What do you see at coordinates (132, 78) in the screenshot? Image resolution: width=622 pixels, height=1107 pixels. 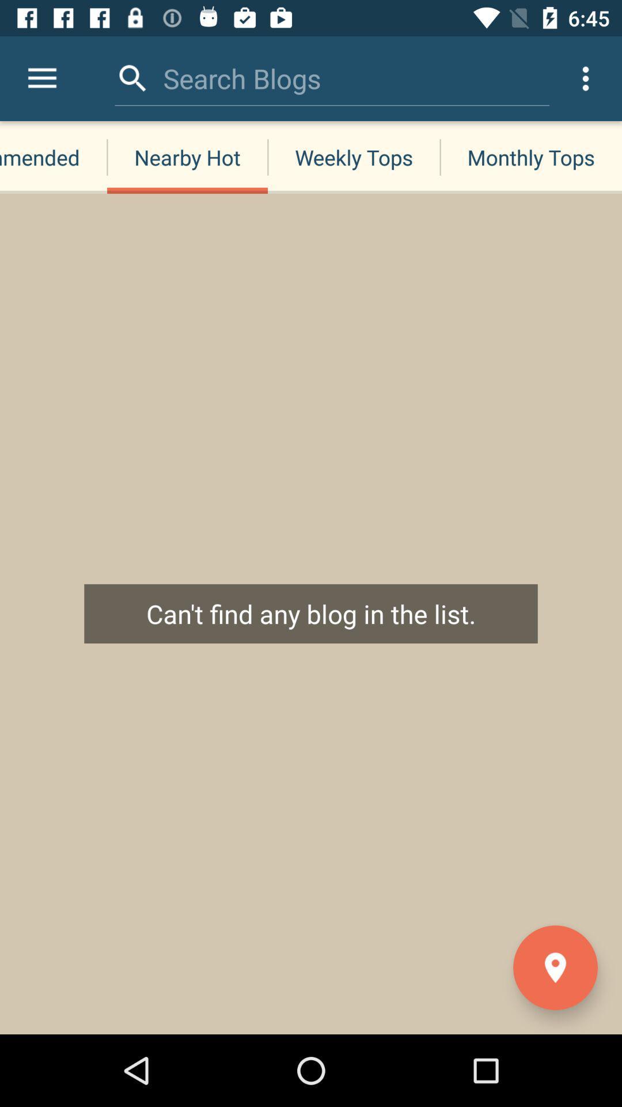 I see `the item to the left of the search blogs item` at bounding box center [132, 78].